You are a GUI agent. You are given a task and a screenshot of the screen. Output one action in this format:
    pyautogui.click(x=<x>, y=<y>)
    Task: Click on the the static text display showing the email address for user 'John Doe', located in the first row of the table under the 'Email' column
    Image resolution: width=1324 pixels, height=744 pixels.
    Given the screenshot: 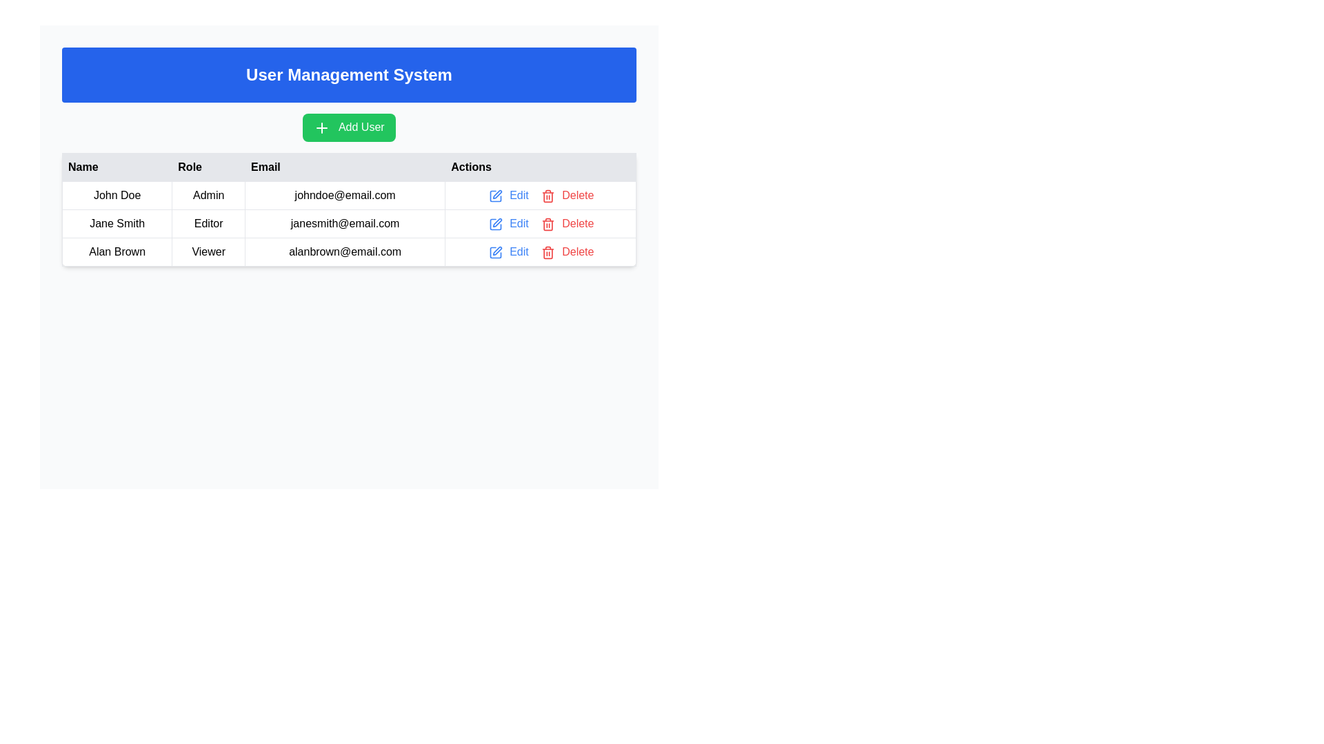 What is the action you would take?
    pyautogui.click(x=345, y=195)
    